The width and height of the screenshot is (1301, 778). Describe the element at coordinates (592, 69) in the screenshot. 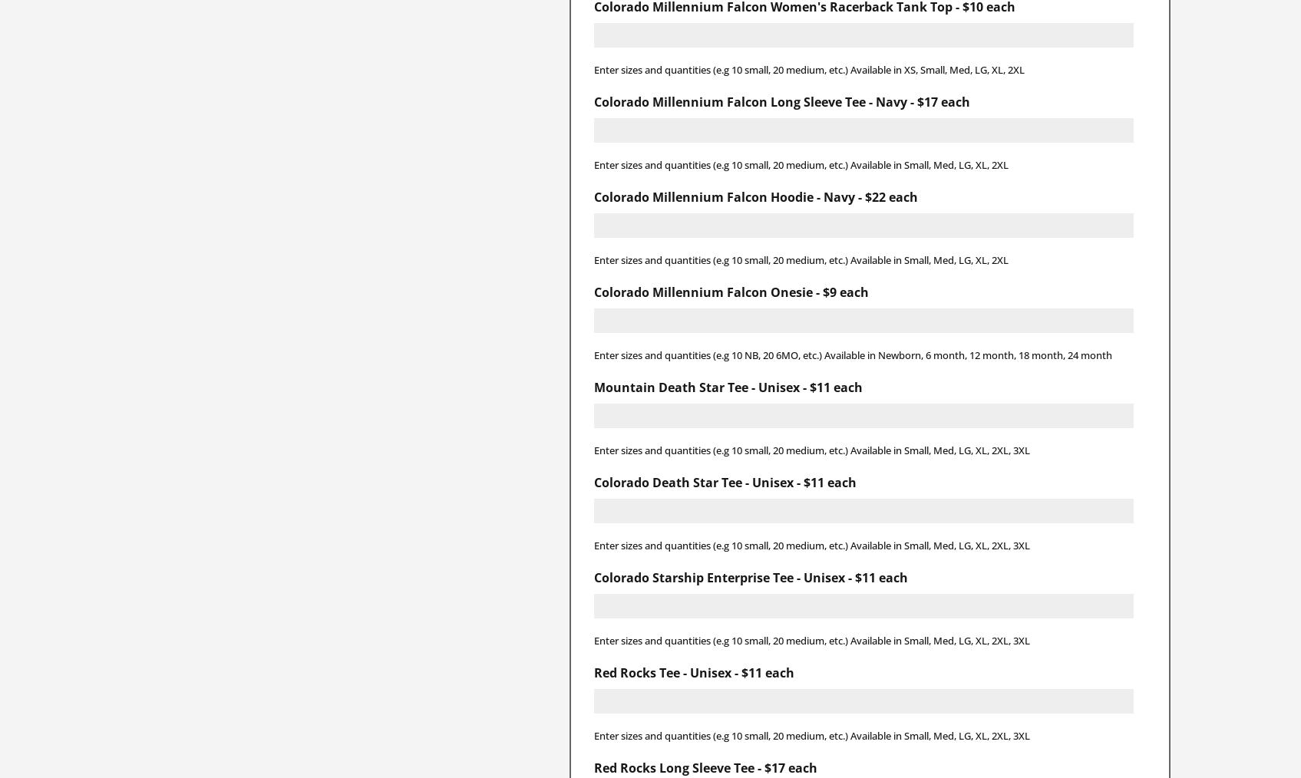

I see `'Enter sizes and quantities (e.g 10 small, 20 medium, etc.)
Available in XS, Small, Med, LG, XL, 2XL'` at that location.